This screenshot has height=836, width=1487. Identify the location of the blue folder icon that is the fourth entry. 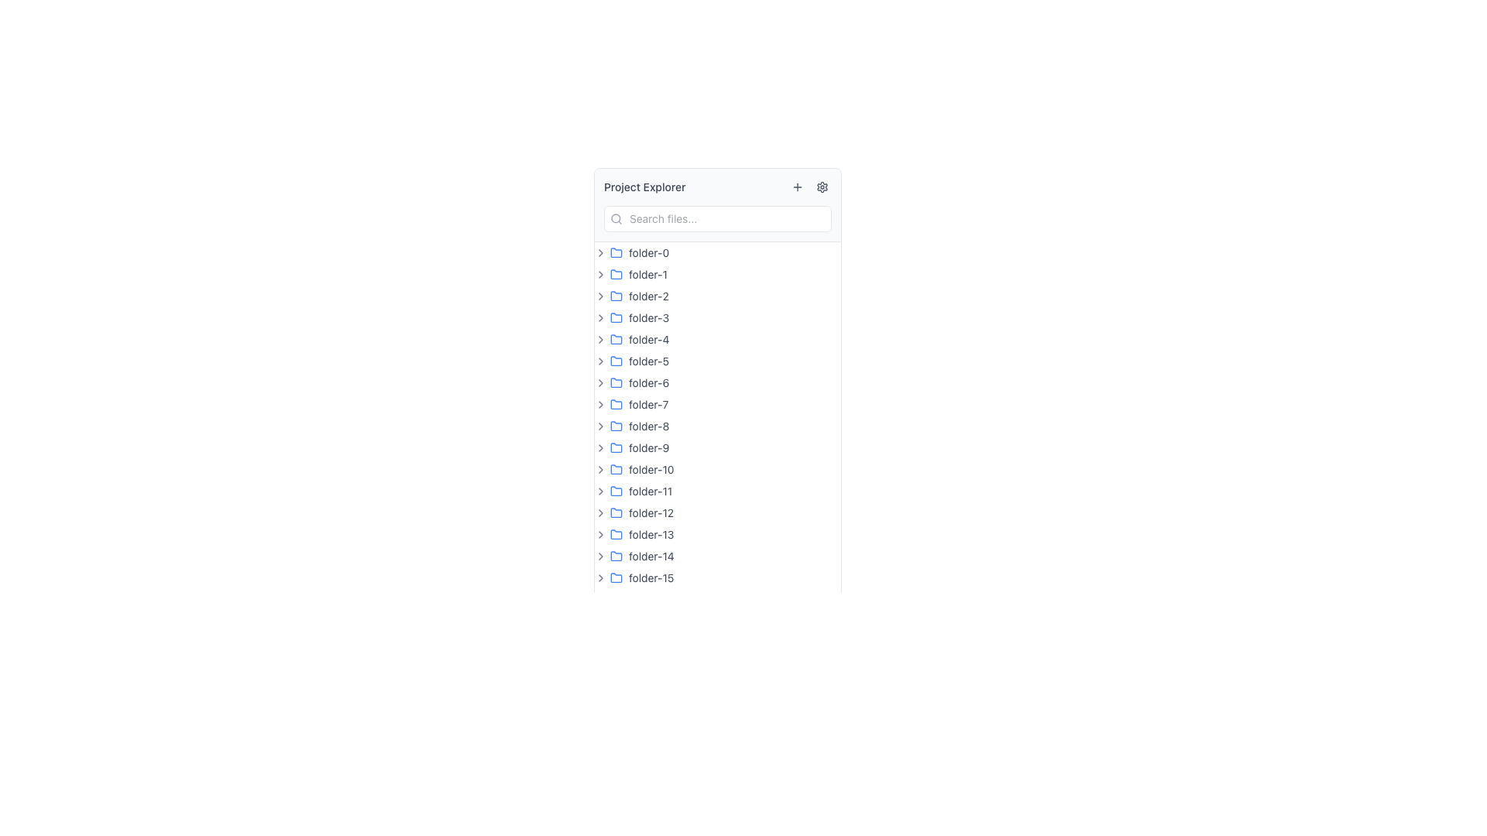
(616, 316).